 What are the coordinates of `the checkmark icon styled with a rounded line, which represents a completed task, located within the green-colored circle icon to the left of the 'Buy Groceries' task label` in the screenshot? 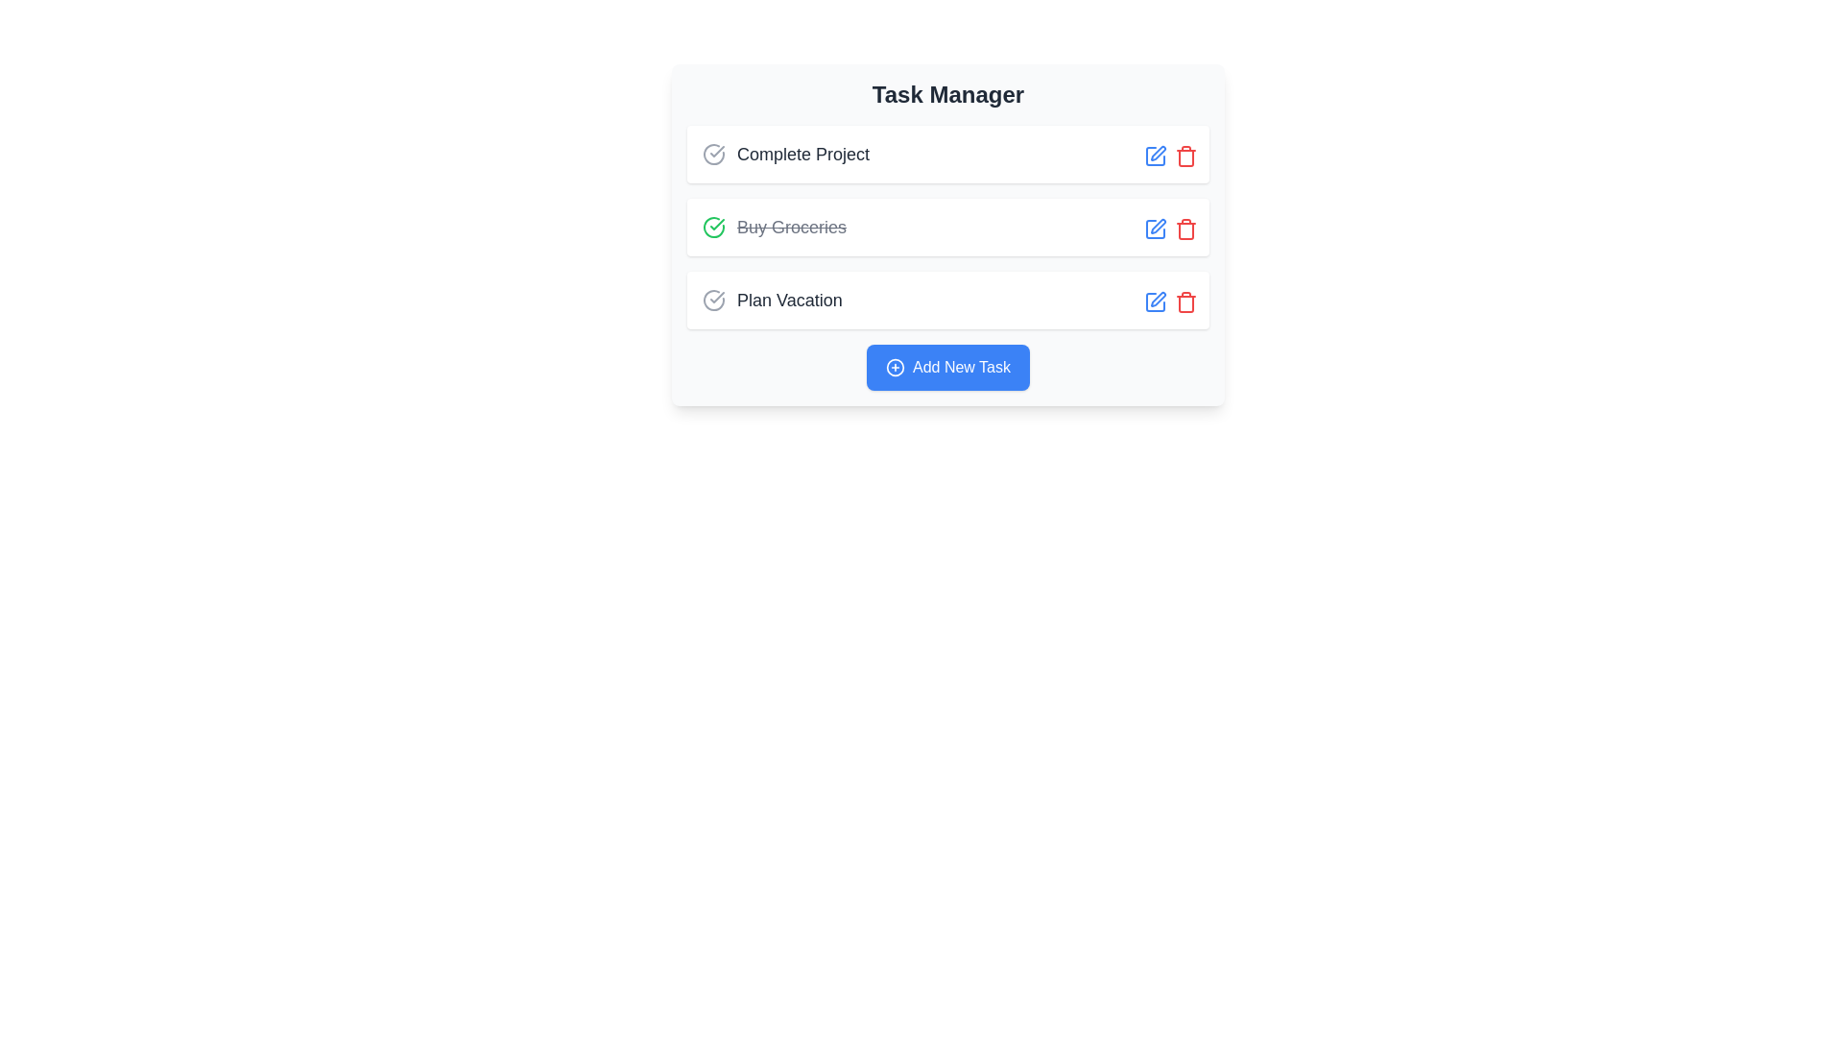 It's located at (716, 151).